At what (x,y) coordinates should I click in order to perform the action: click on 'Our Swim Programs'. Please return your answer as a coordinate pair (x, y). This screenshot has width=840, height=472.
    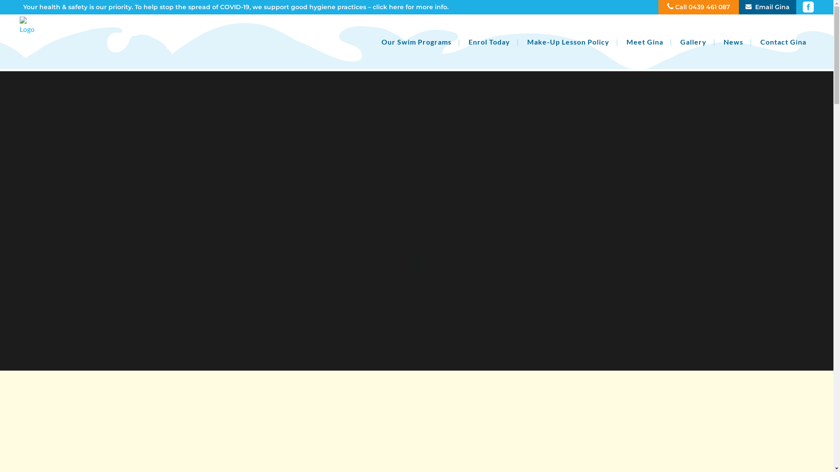
    Looking at the image, I should click on (416, 42).